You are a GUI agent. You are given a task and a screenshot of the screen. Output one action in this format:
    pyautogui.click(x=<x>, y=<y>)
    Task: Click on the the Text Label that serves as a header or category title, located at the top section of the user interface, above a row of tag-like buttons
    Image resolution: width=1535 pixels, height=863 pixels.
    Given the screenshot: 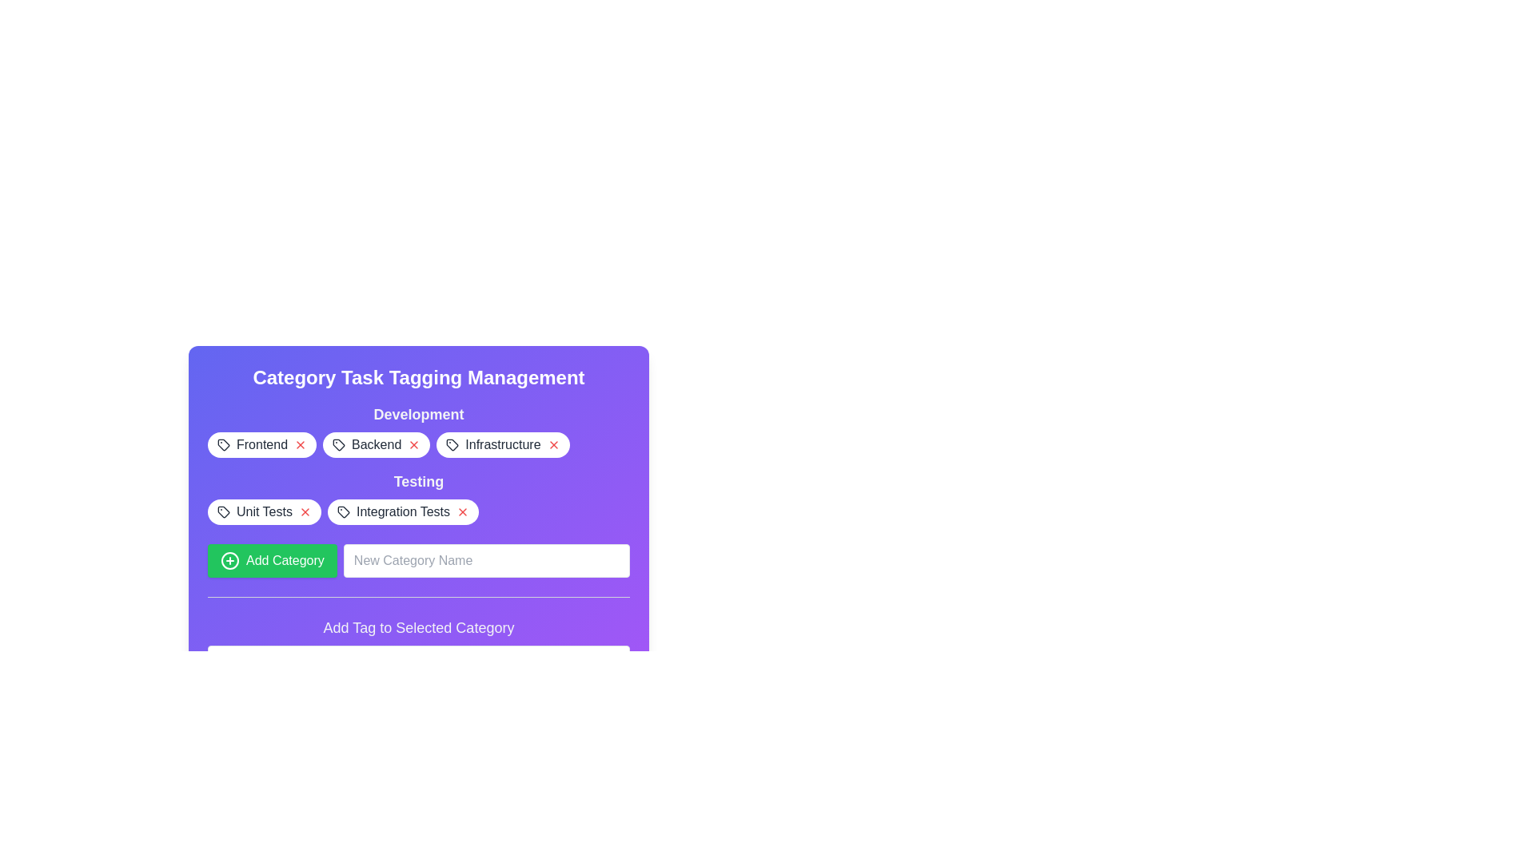 What is the action you would take?
    pyautogui.click(x=418, y=414)
    